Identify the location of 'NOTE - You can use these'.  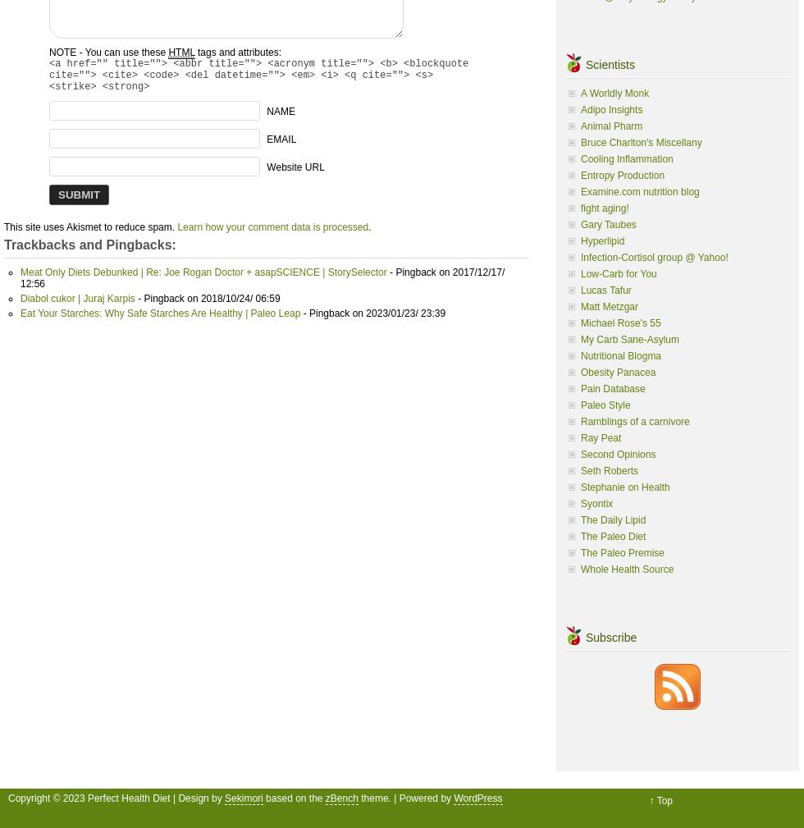
(108, 51).